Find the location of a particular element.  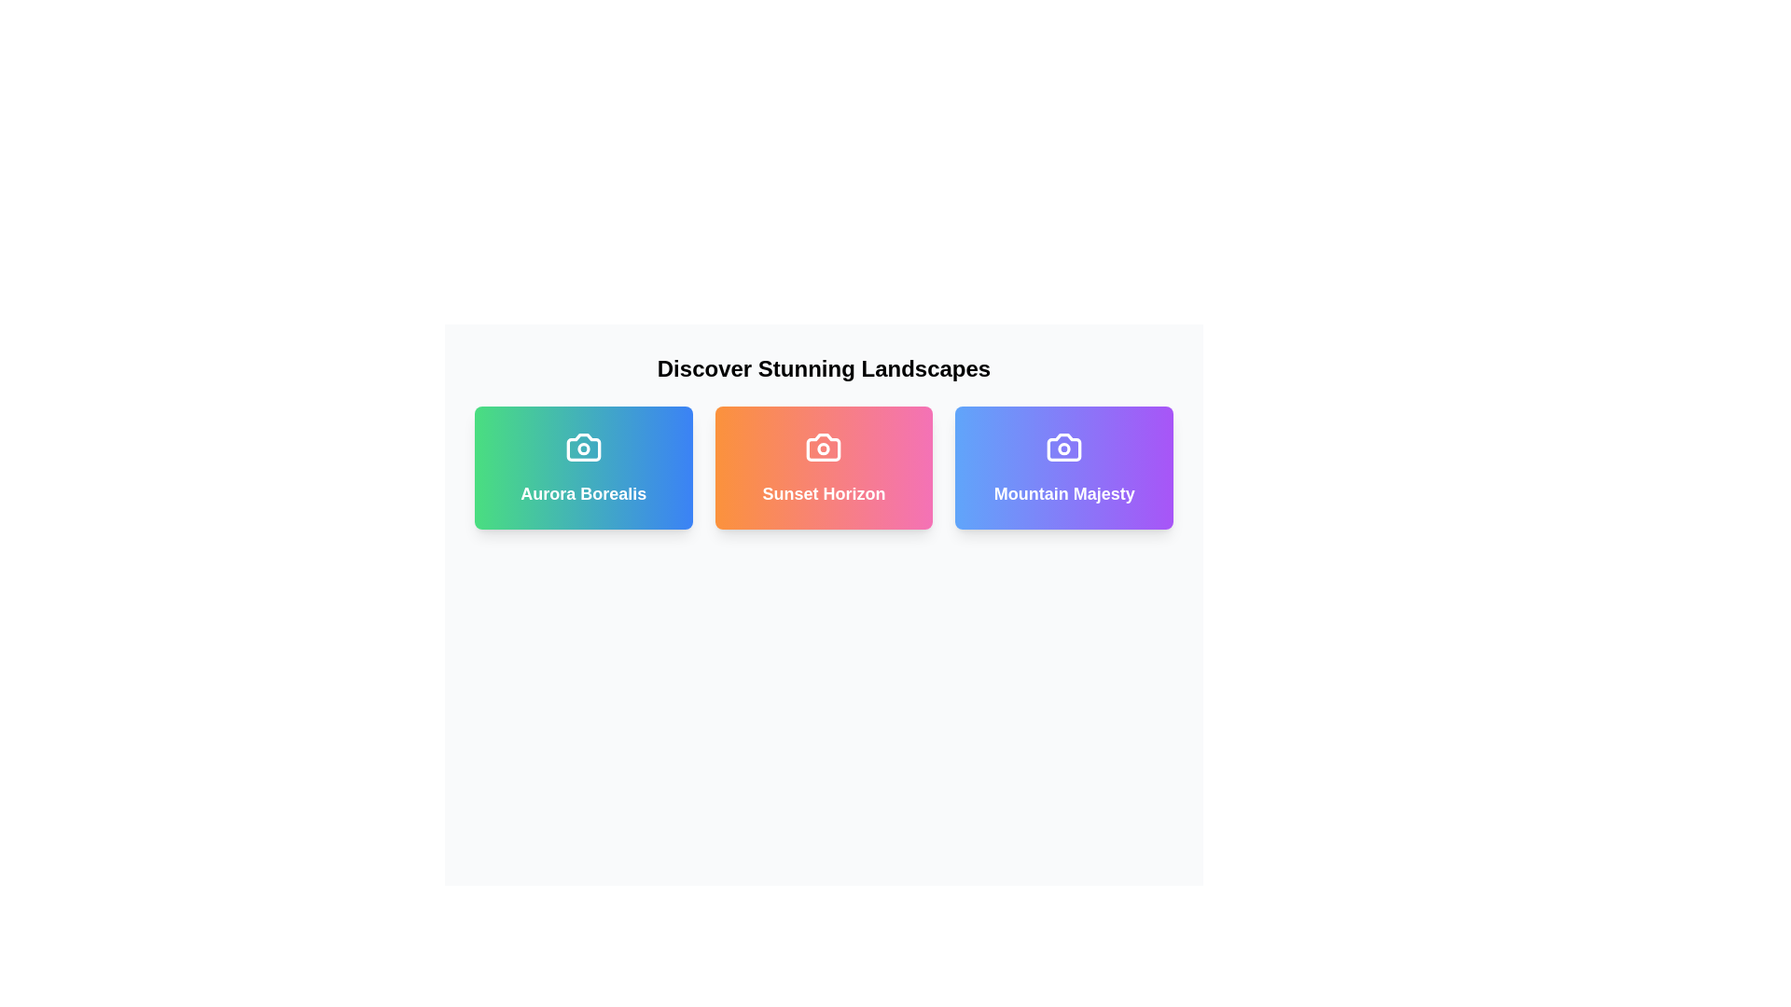

the 'Sunset Horizon' text label, which is displayed in bold white font against a gradient background, located below a camera icon in the central box of a three-column layout is located at coordinates (823, 492).